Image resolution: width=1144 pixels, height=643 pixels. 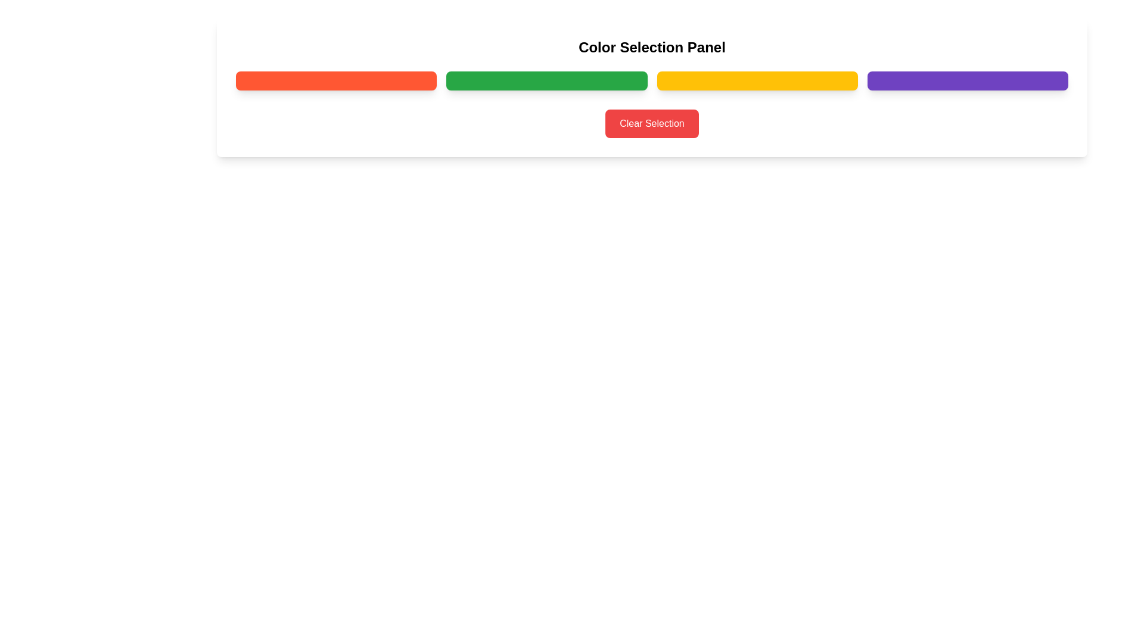 What do you see at coordinates (335, 80) in the screenshot?
I see `the first button in a group of four horizontally aligned buttons located in the top-left portion of the interface` at bounding box center [335, 80].